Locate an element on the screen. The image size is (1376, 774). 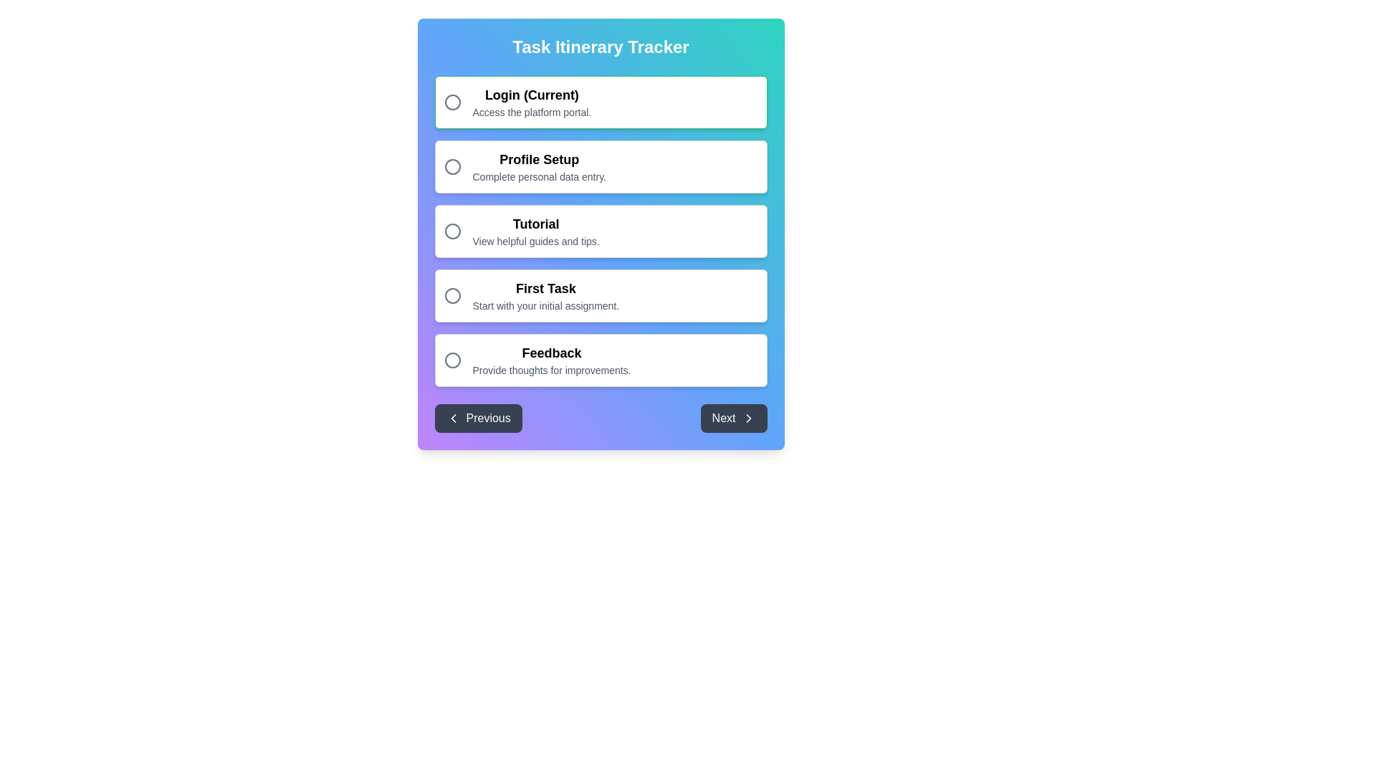
the third informational or selectable card in the 'Task Itinerary Tracker' section, which is located below 'Profile Setup' and above 'First Task' is located at coordinates (601, 231).